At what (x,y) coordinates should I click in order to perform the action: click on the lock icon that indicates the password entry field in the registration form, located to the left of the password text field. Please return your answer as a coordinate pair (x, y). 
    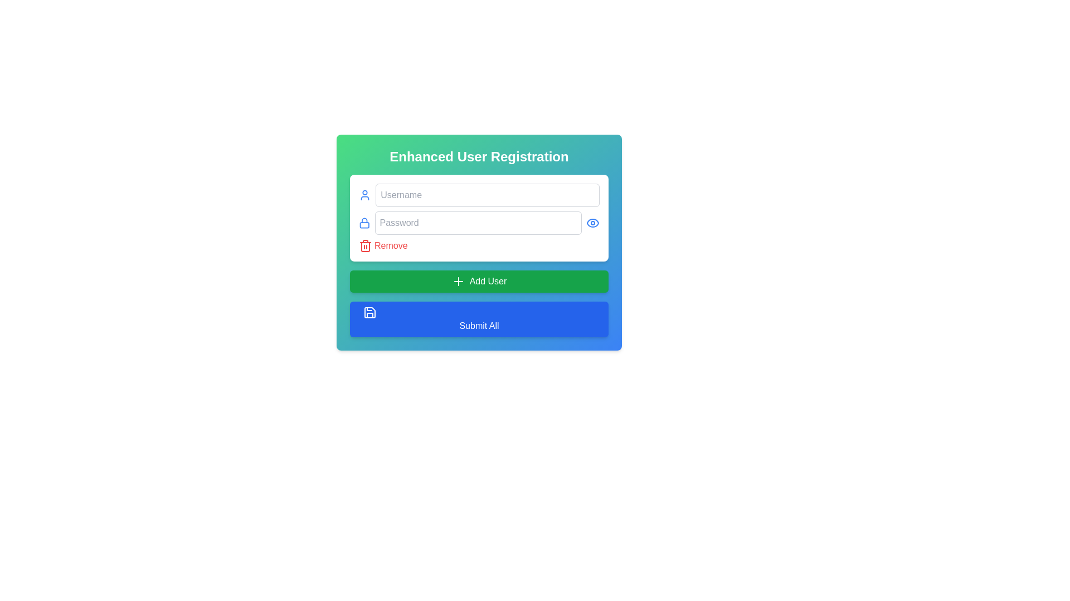
    Looking at the image, I should click on (364, 223).